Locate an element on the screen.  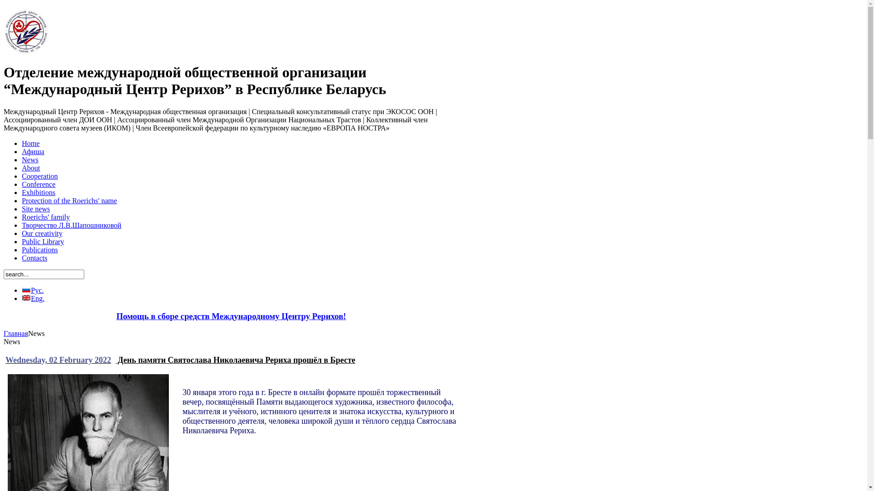
'About' is located at coordinates (22, 168).